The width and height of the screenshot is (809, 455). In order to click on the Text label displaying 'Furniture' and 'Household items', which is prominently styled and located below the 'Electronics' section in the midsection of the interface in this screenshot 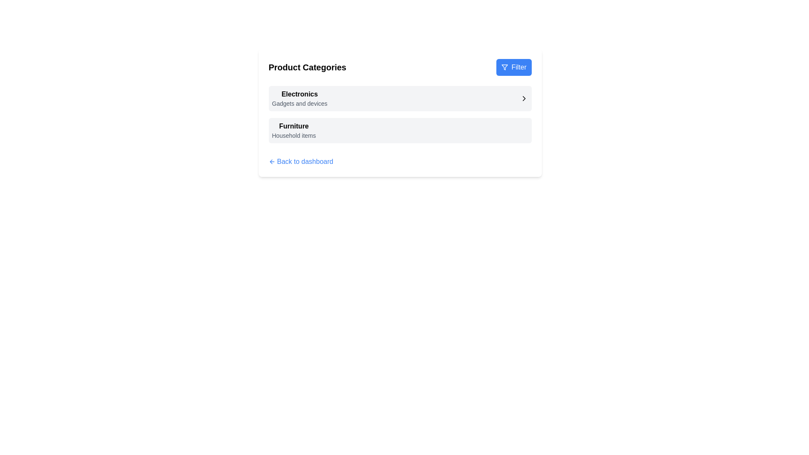, I will do `click(294, 130)`.